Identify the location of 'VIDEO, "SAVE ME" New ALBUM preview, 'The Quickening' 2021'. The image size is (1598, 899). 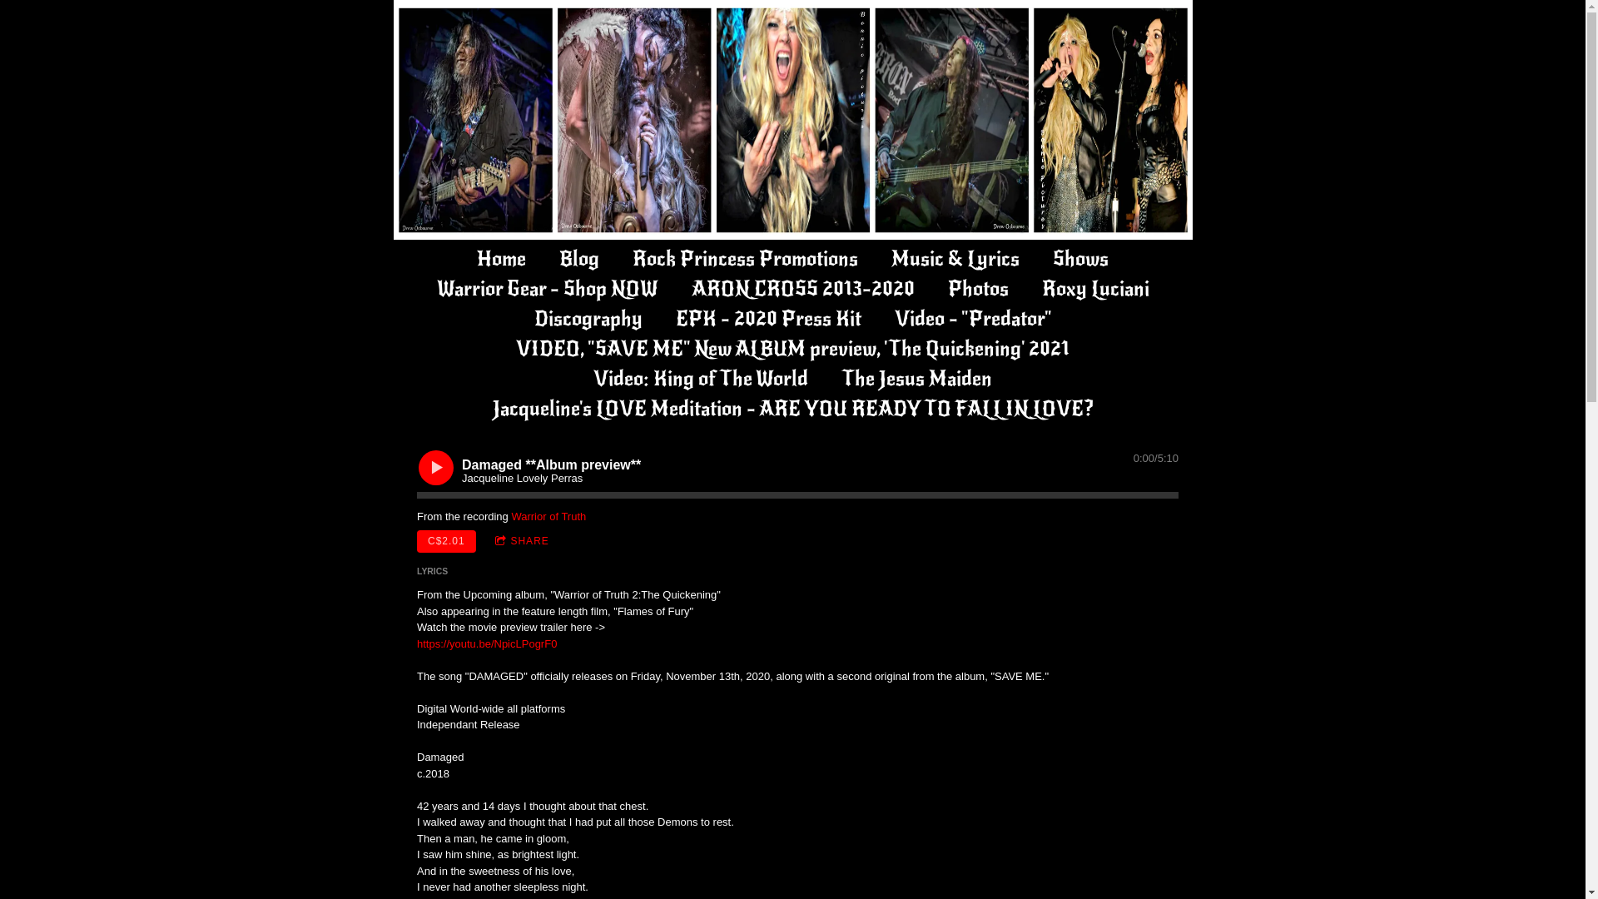
(792, 348).